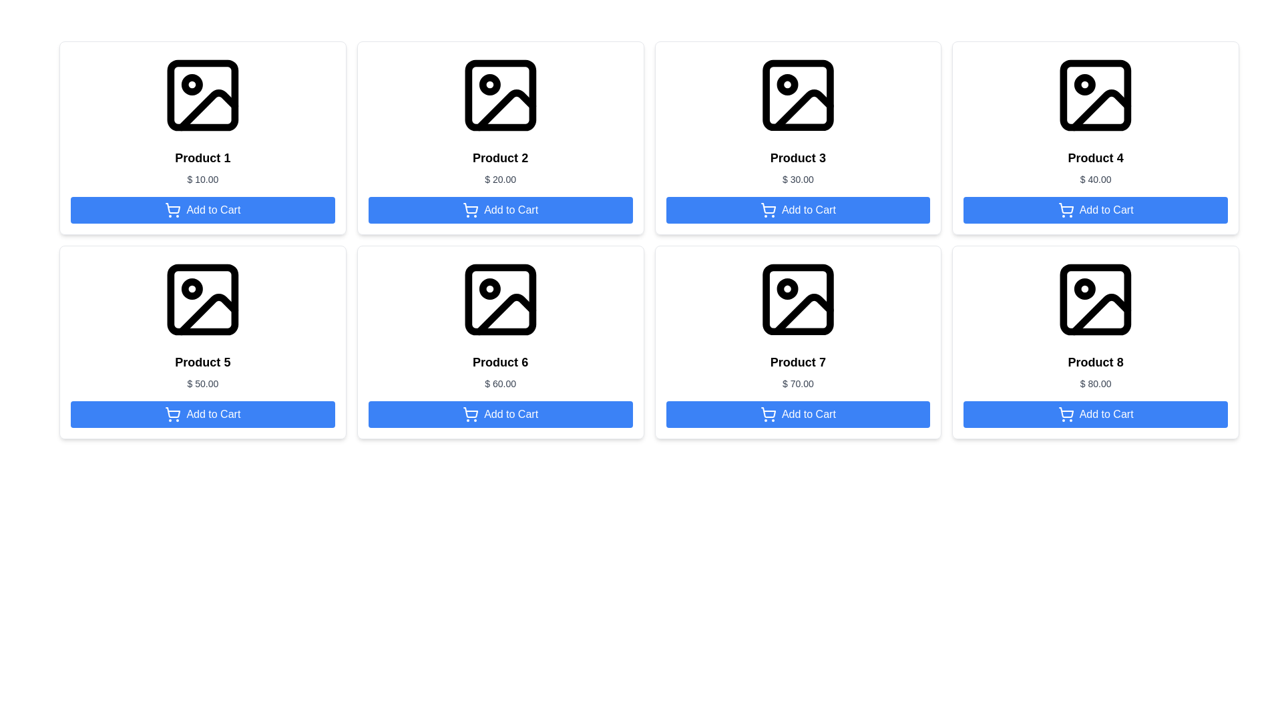 The image size is (1282, 721). What do you see at coordinates (489, 288) in the screenshot?
I see `the decorative dot in the SVG graphic representing a detail of 'Product 6', located in the second row, second column of the layout` at bounding box center [489, 288].